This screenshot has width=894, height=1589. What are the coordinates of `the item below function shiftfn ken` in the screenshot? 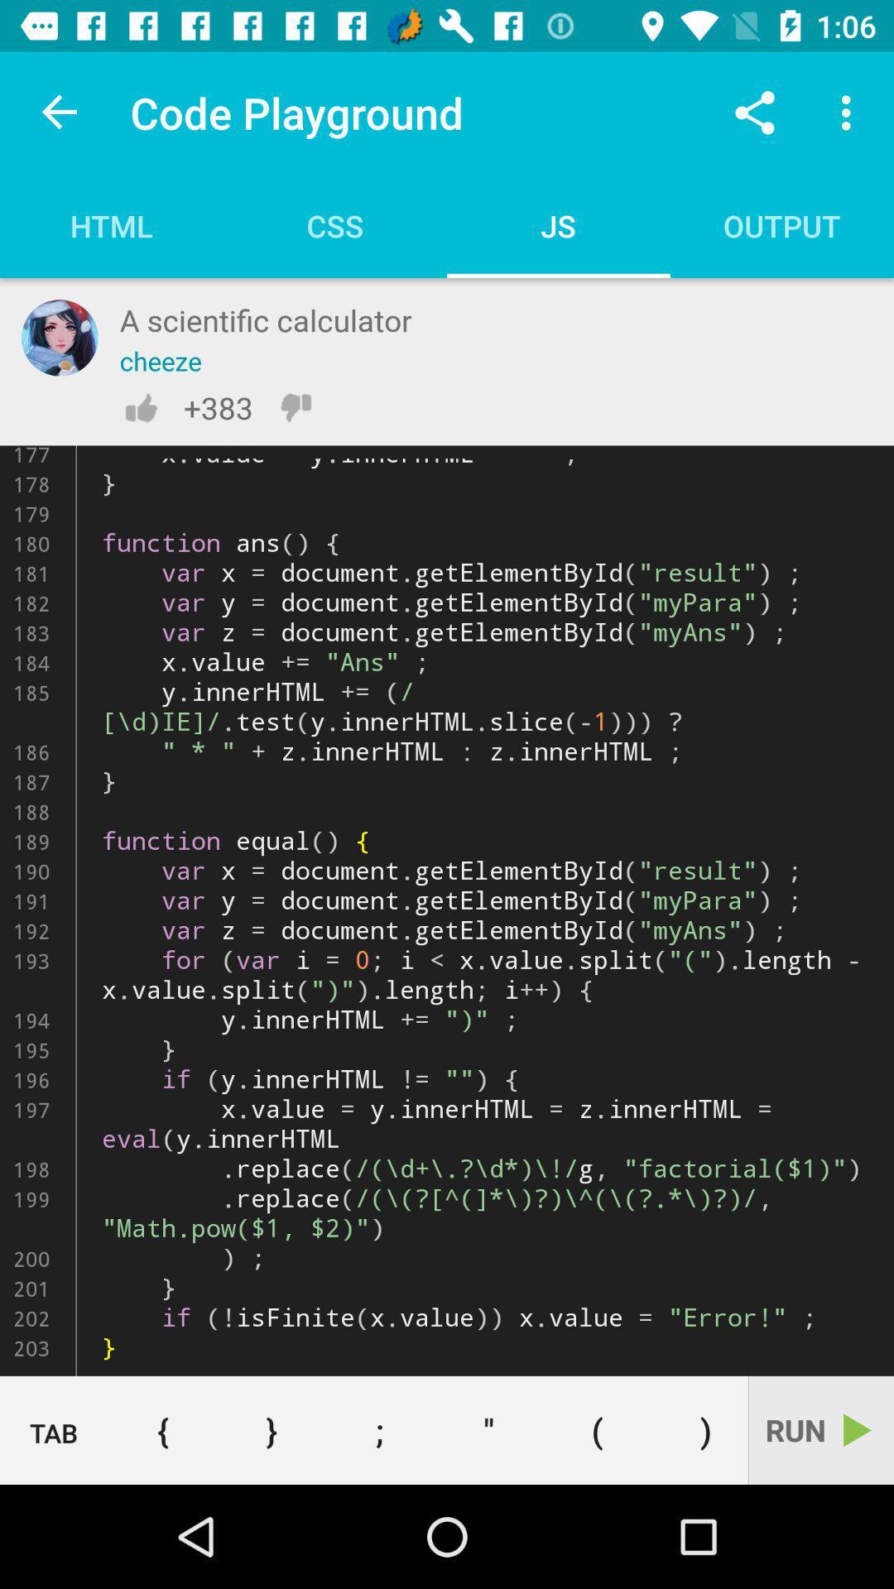 It's located at (488, 1429).